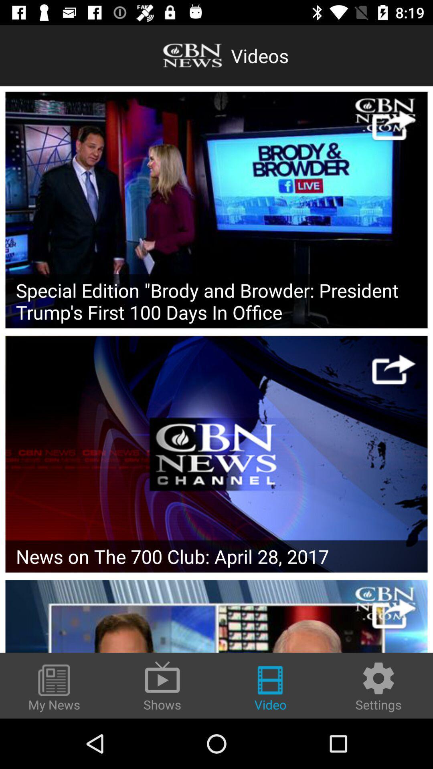 This screenshot has height=769, width=433. I want to click on the my news icon, so click(54, 688).